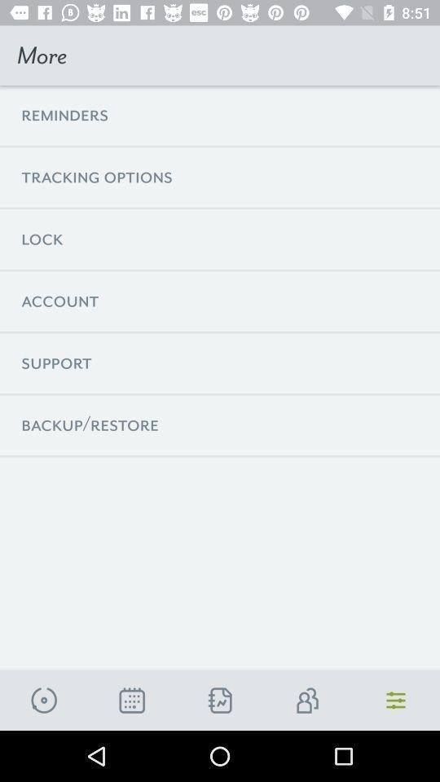  What do you see at coordinates (131, 700) in the screenshot?
I see `show calendar` at bounding box center [131, 700].